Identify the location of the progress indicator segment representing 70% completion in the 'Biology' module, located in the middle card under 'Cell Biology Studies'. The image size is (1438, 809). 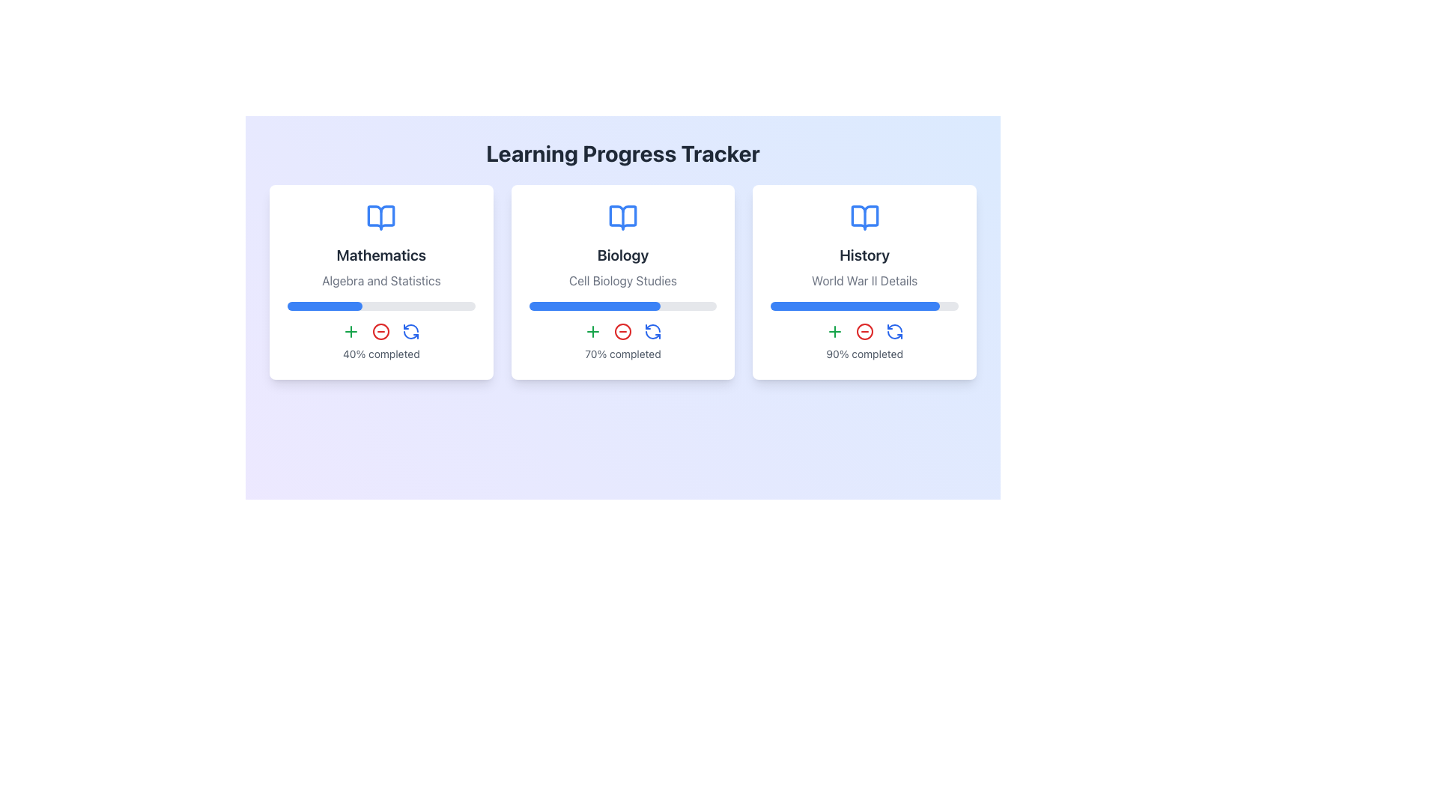
(594, 305).